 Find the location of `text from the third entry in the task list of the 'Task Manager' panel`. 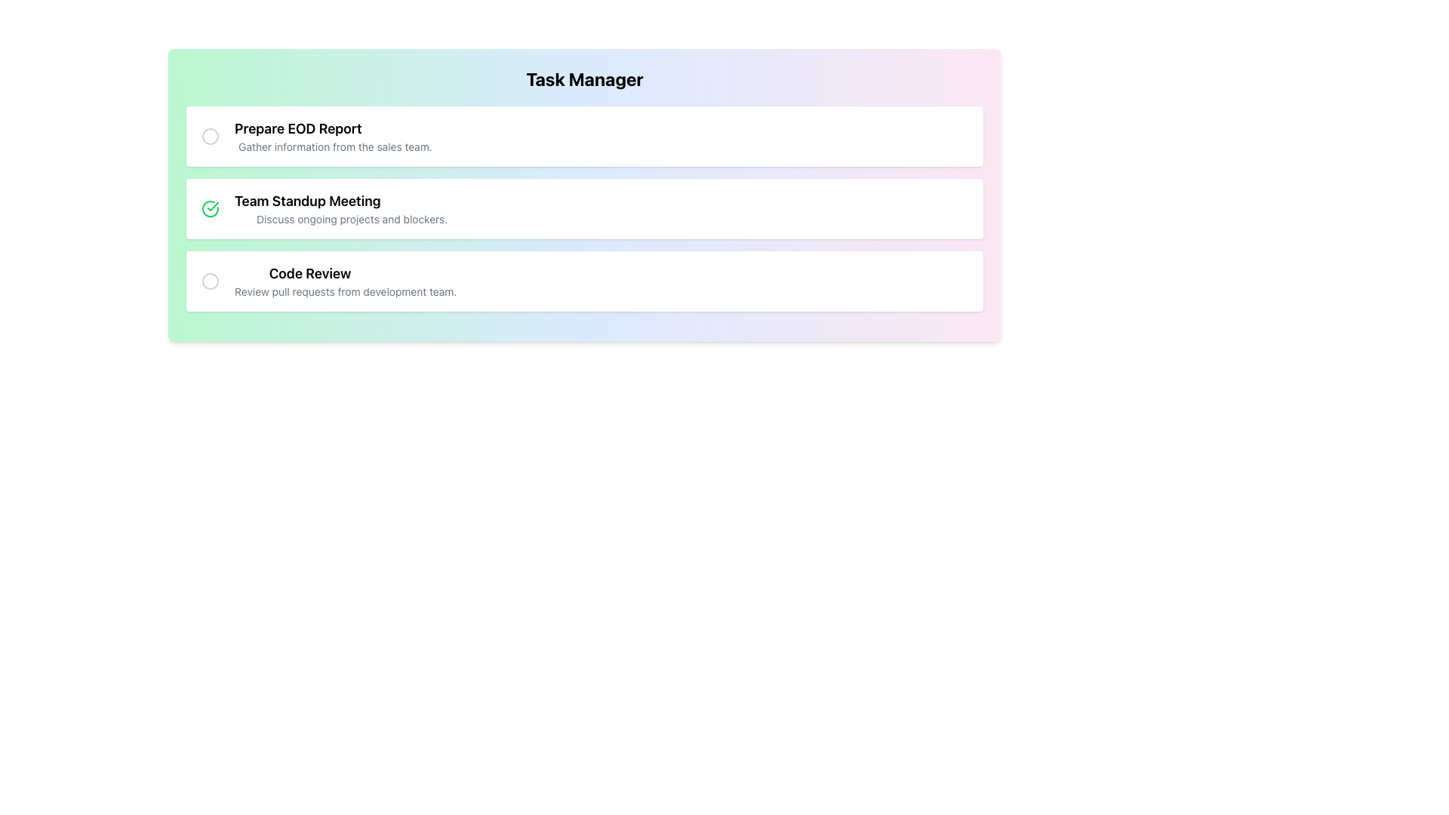

text from the third entry in the task list of the 'Task Manager' panel is located at coordinates (345, 273).